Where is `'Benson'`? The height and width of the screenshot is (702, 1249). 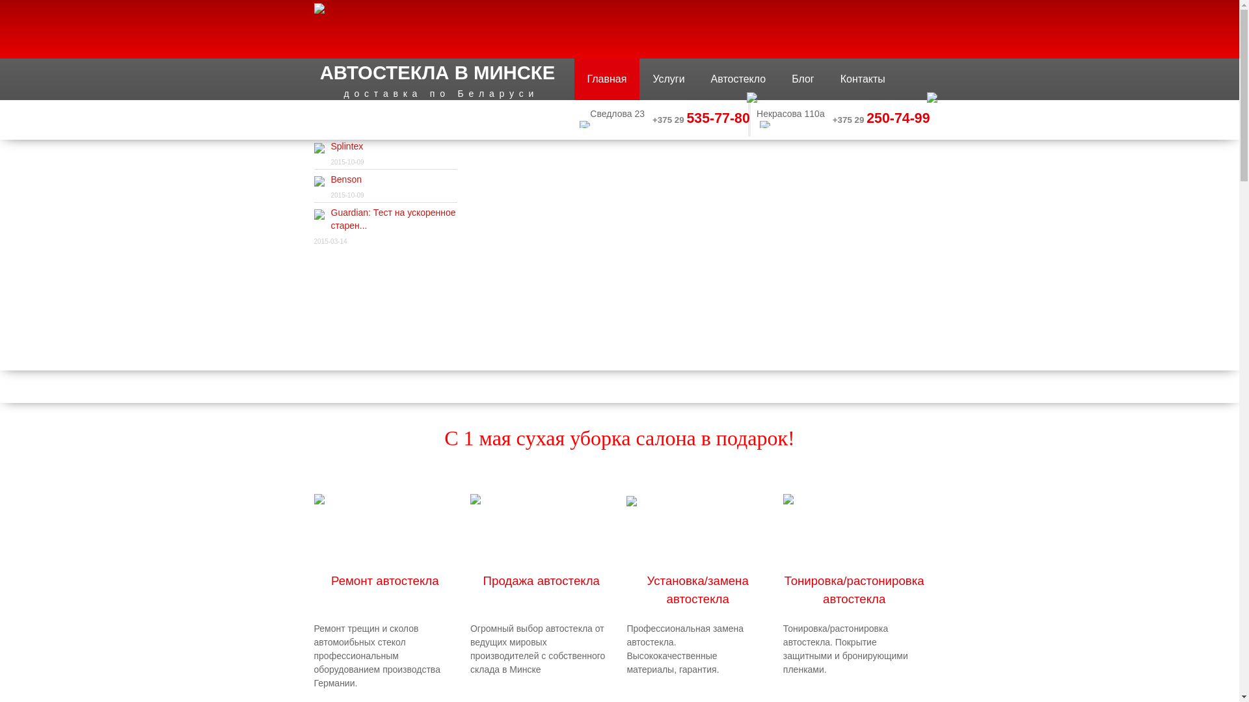 'Benson' is located at coordinates (318, 183).